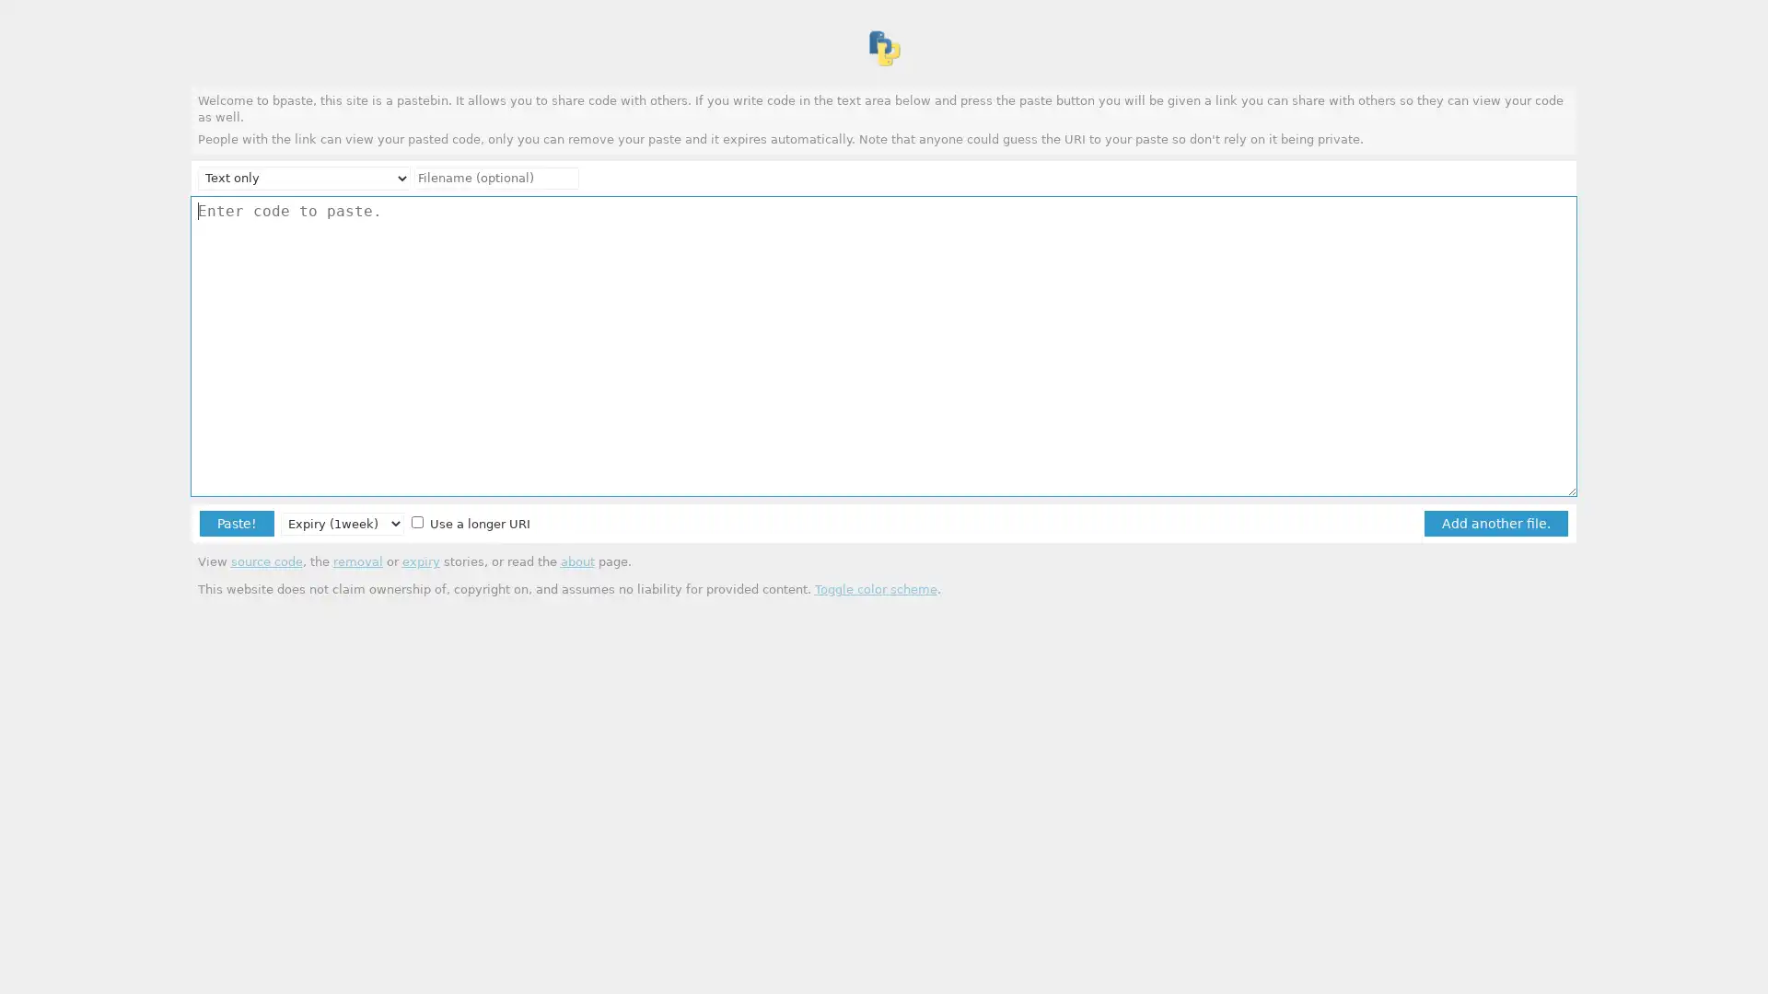 This screenshot has height=994, width=1768. I want to click on Add another file., so click(1495, 523).